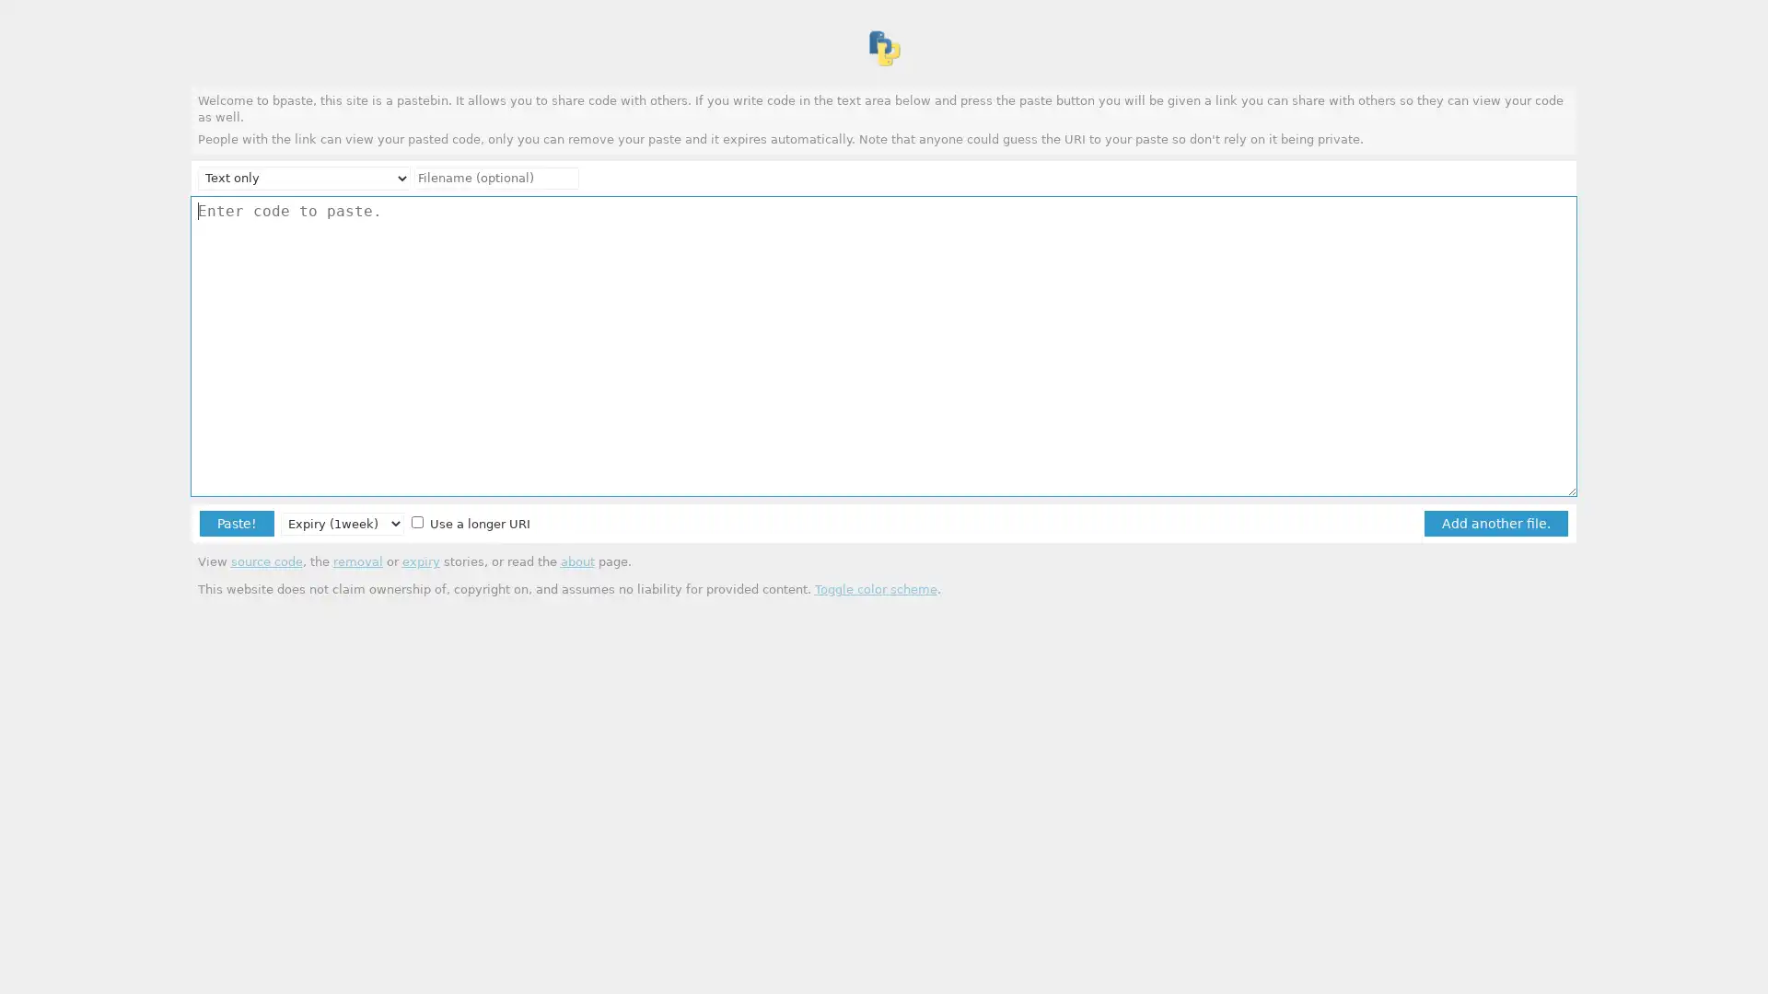 This screenshot has height=994, width=1768. I want to click on Add another file., so click(1495, 523).